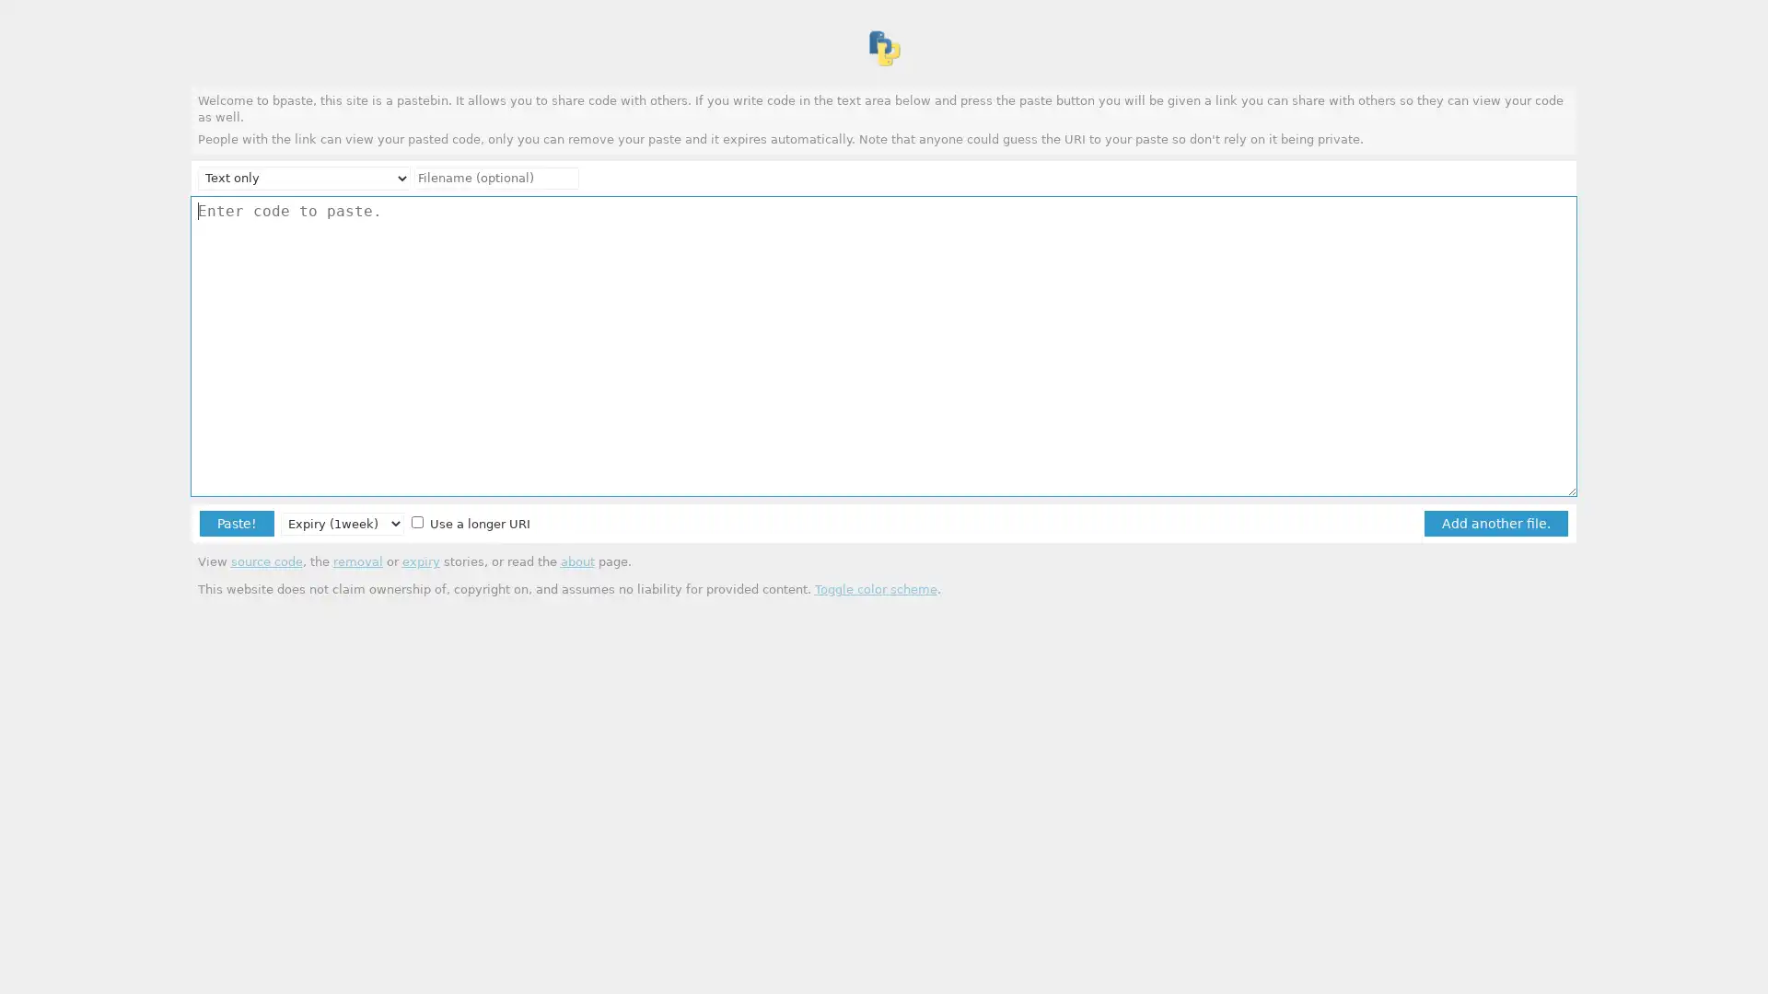 This screenshot has height=994, width=1768. I want to click on Add another file., so click(1495, 523).